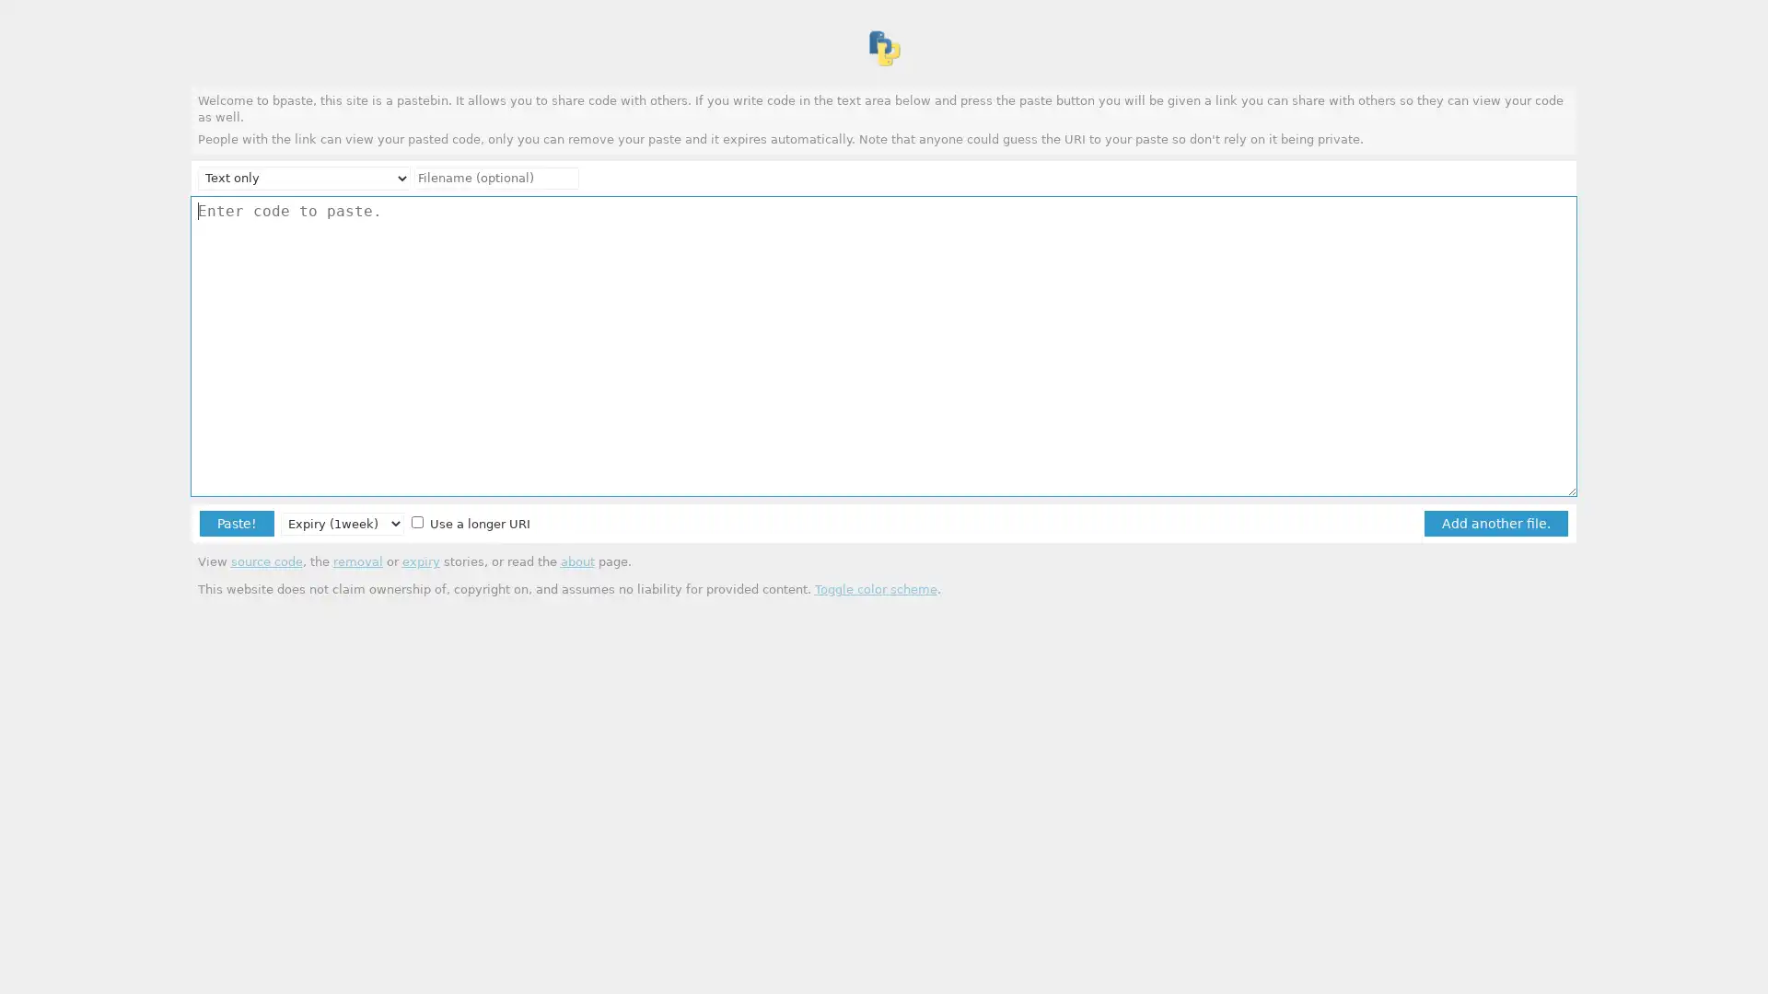 This screenshot has height=994, width=1768. I want to click on Add another file., so click(1495, 523).